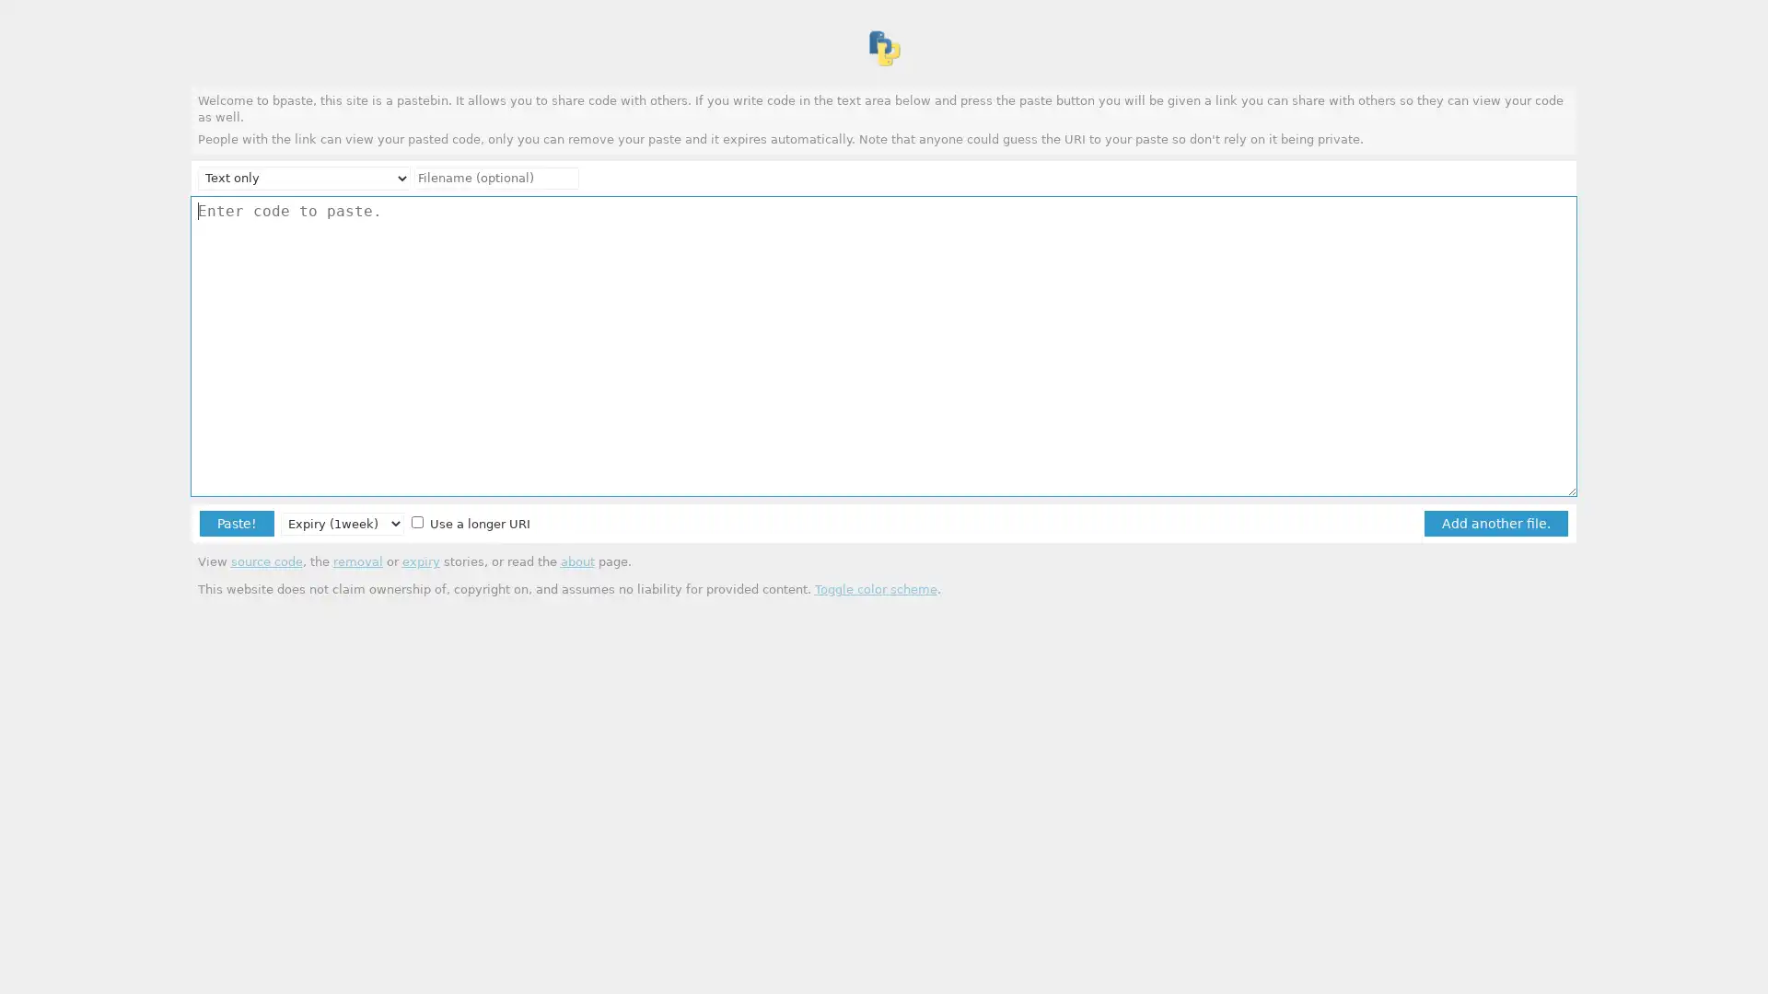 This screenshot has height=994, width=1768. I want to click on Add another file., so click(1495, 523).